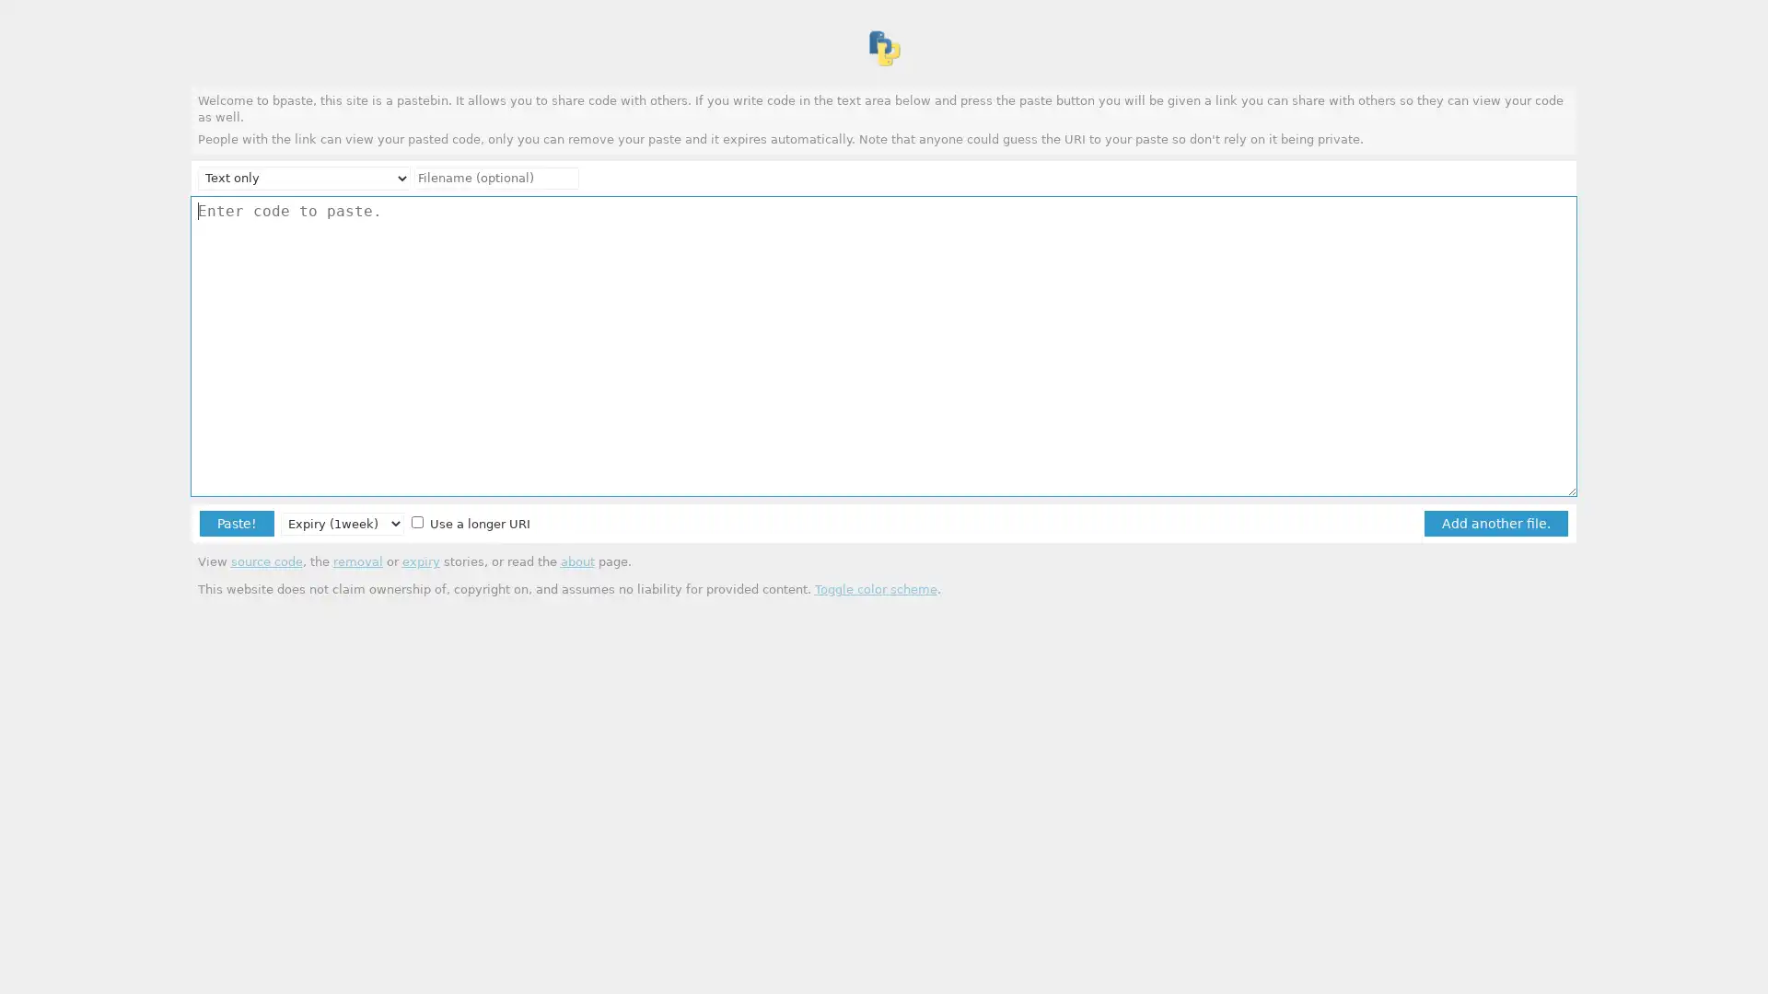 This screenshot has height=994, width=1768. I want to click on Add another file., so click(1495, 523).